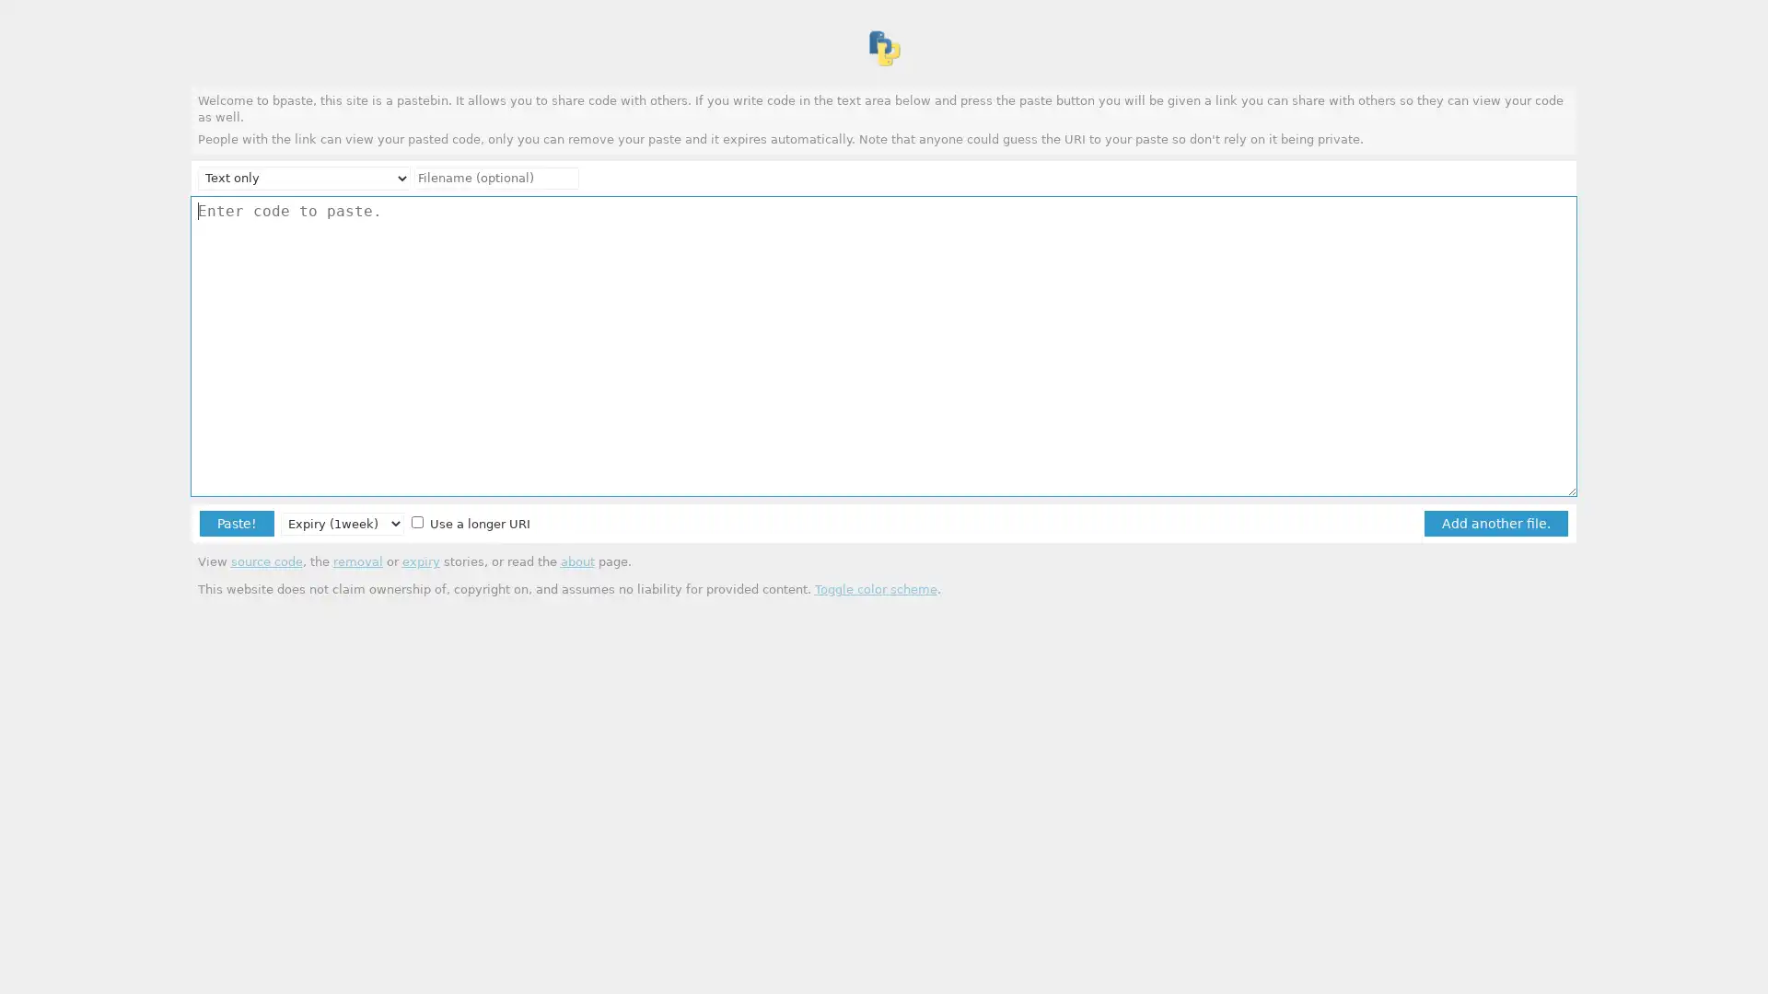 This screenshot has height=994, width=1768. I want to click on Add another file., so click(1495, 523).